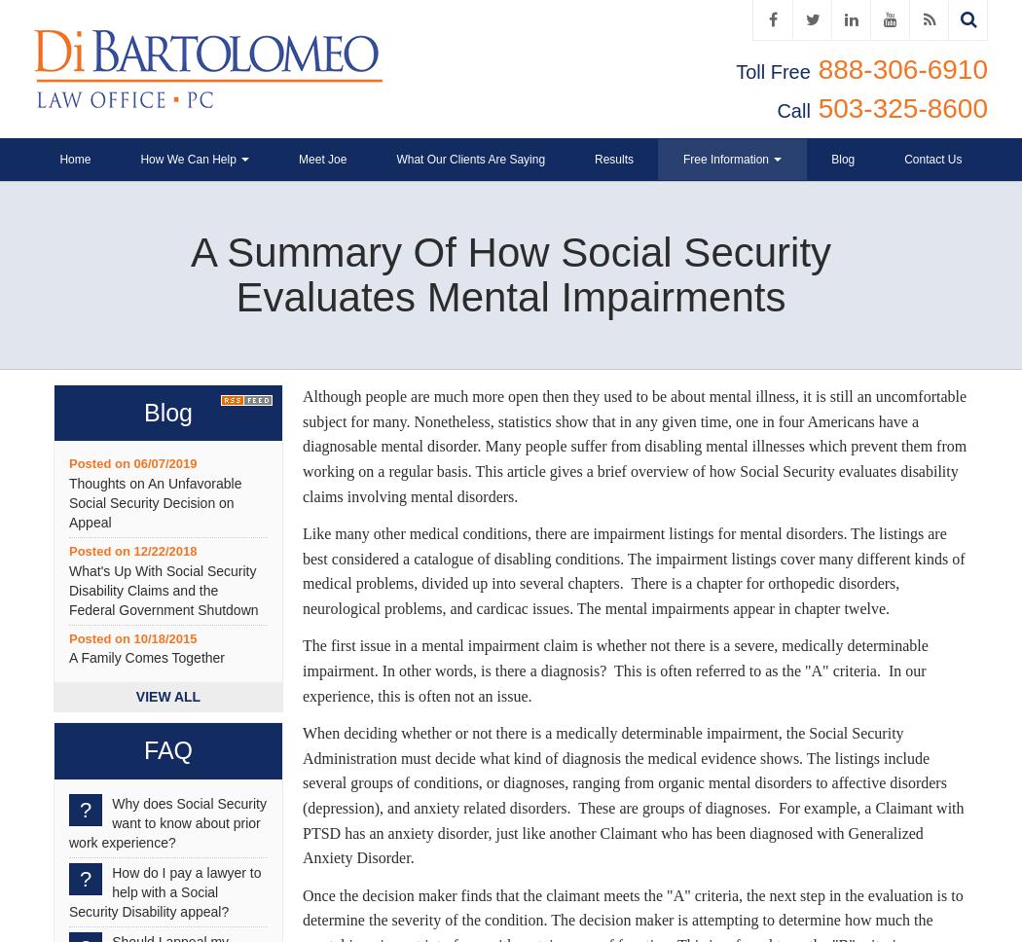  I want to click on 'When deciding whether or not there is a medically determinable impairment, the Social Security Administration must decide what kind of diagnosis the medical evidence shows. The listings include several groups of conditions, or diagnoses, ranging from organic mental disorders to affective disorders (depression), and anxiety related disorders.  These are groups of diagnoses.  For example, a Claimant with PTSD has an anxiety disorder, just like another Claimant who has been diagnosed with Generalized Anxiety Disorder.', so click(303, 794).